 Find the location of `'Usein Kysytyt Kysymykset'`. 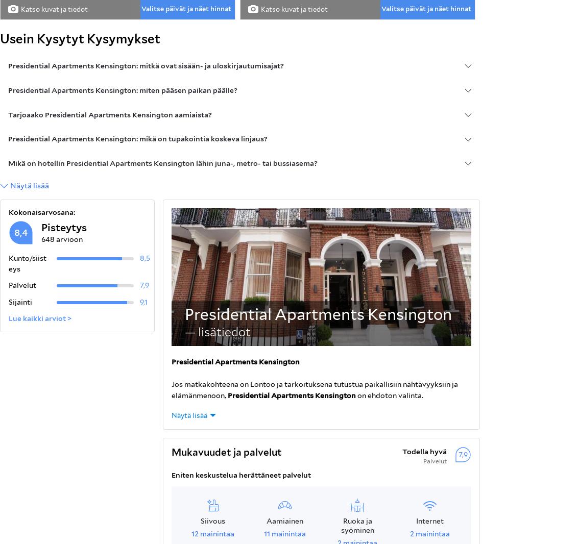

'Usein Kysytyt Kysymykset' is located at coordinates (80, 38).